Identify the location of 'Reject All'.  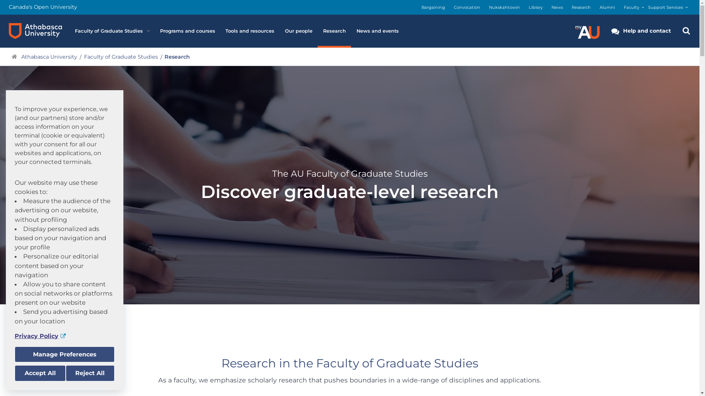
(89, 373).